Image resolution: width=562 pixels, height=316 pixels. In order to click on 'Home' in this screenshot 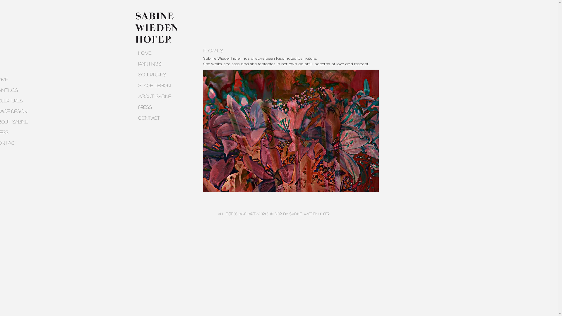, I will do `click(161, 53)`.